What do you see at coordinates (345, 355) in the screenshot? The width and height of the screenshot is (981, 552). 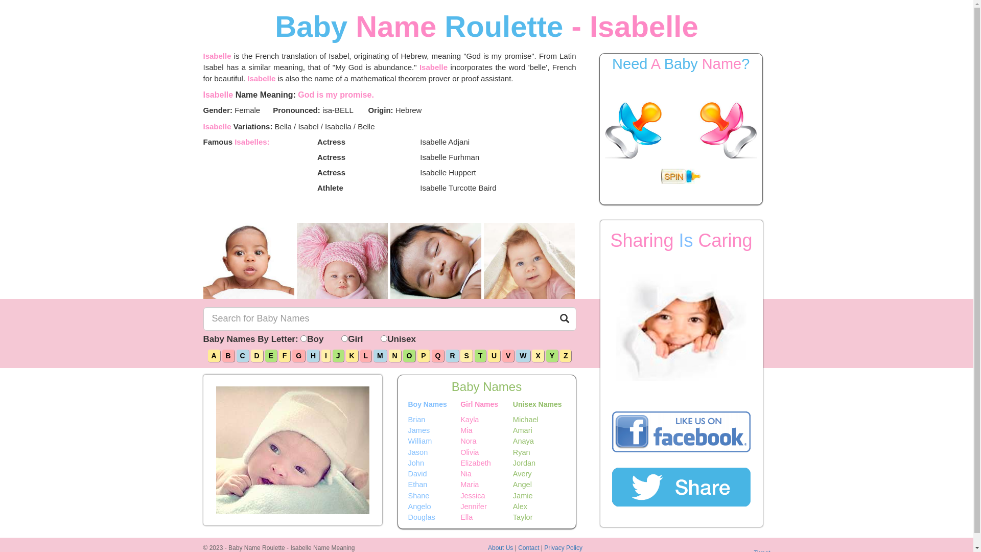 I see `'K'` at bounding box center [345, 355].